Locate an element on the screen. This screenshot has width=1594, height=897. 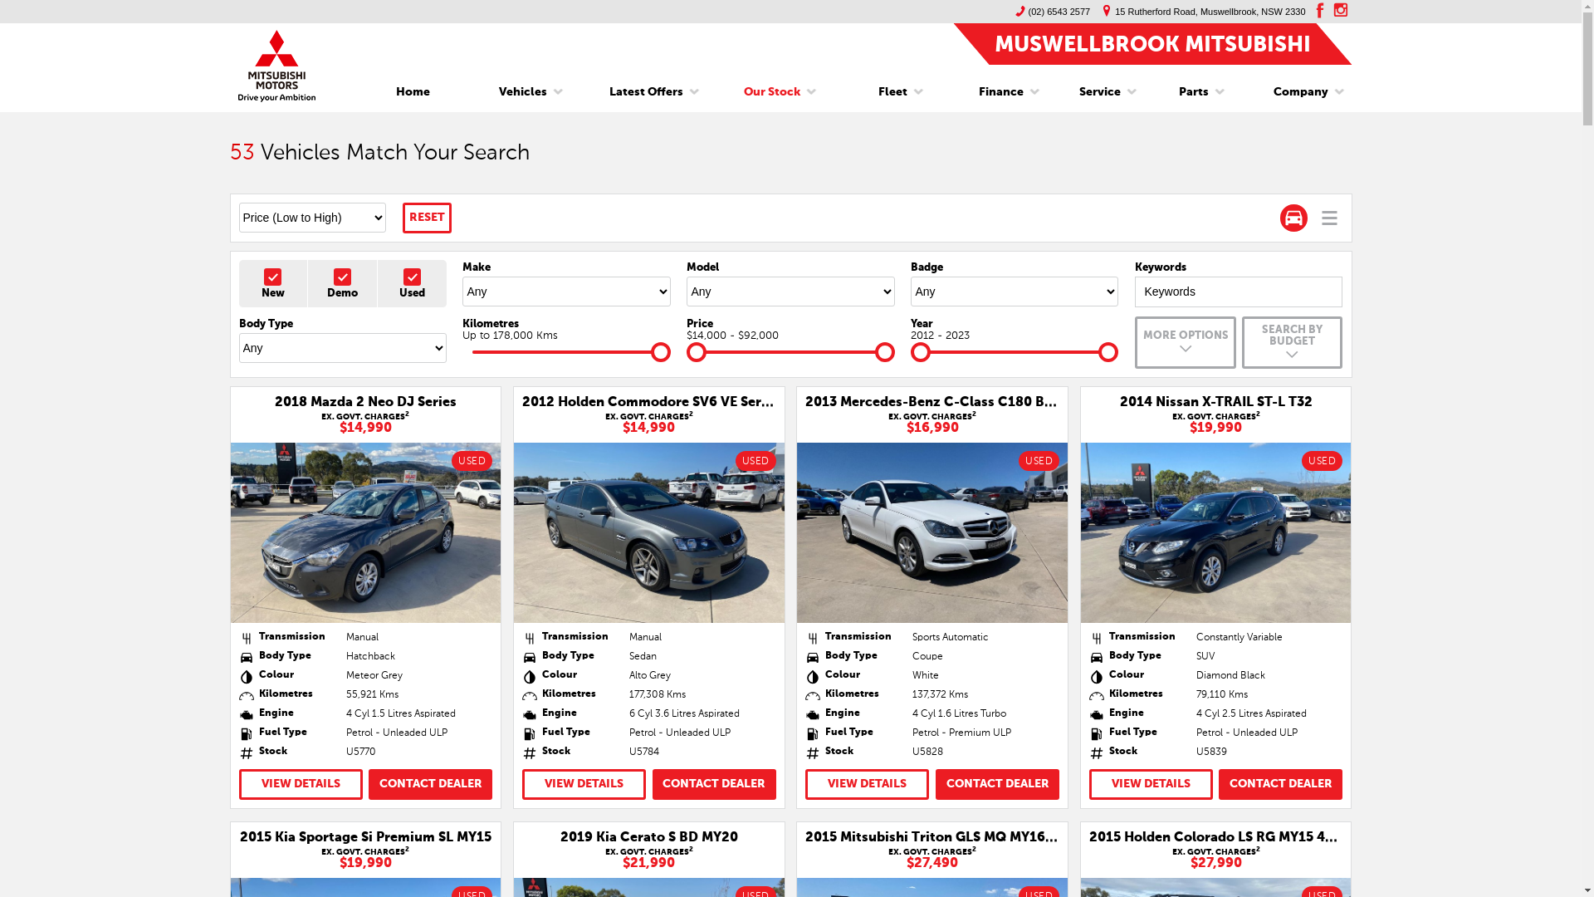
'EX. GOVT. CHARGES2 is located at coordinates (932, 421).